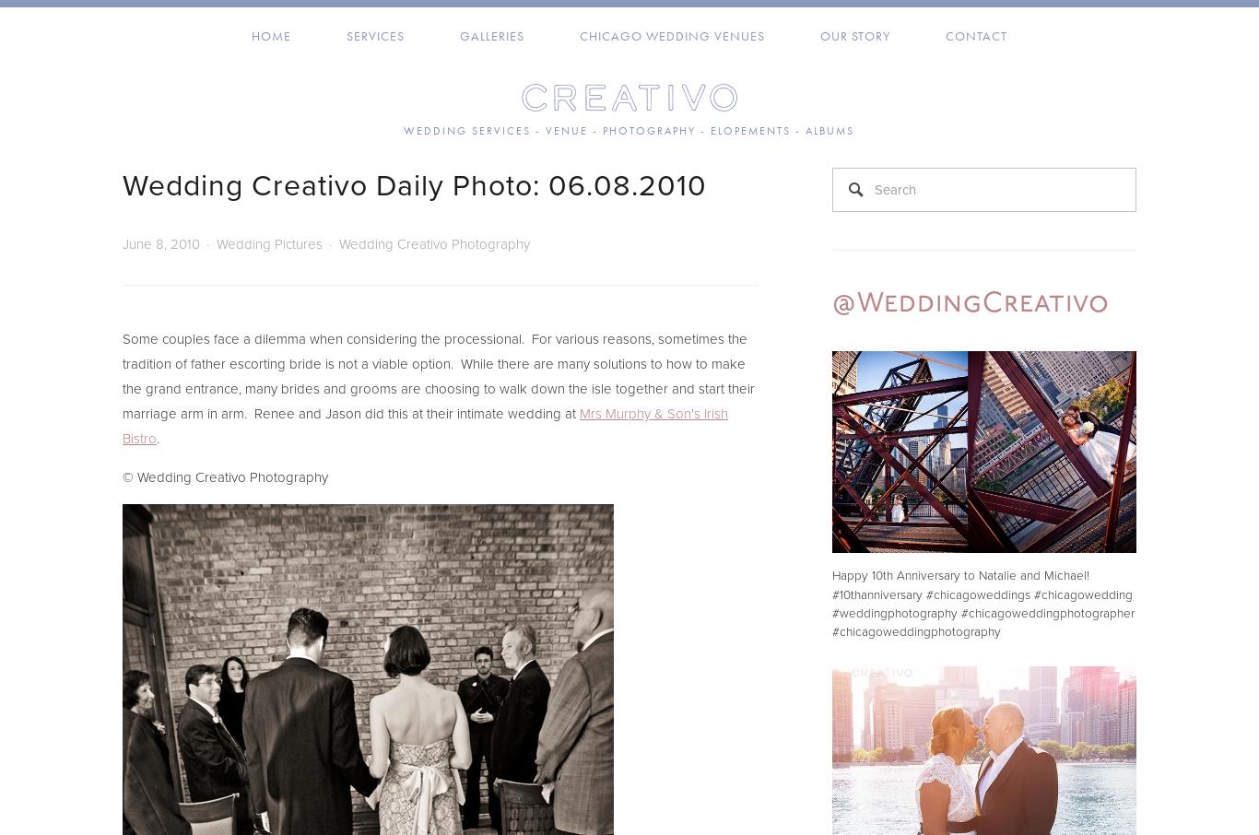 The image size is (1259, 835). Describe the element at coordinates (969, 303) in the screenshot. I see `'@WeddingCreativo'` at that location.